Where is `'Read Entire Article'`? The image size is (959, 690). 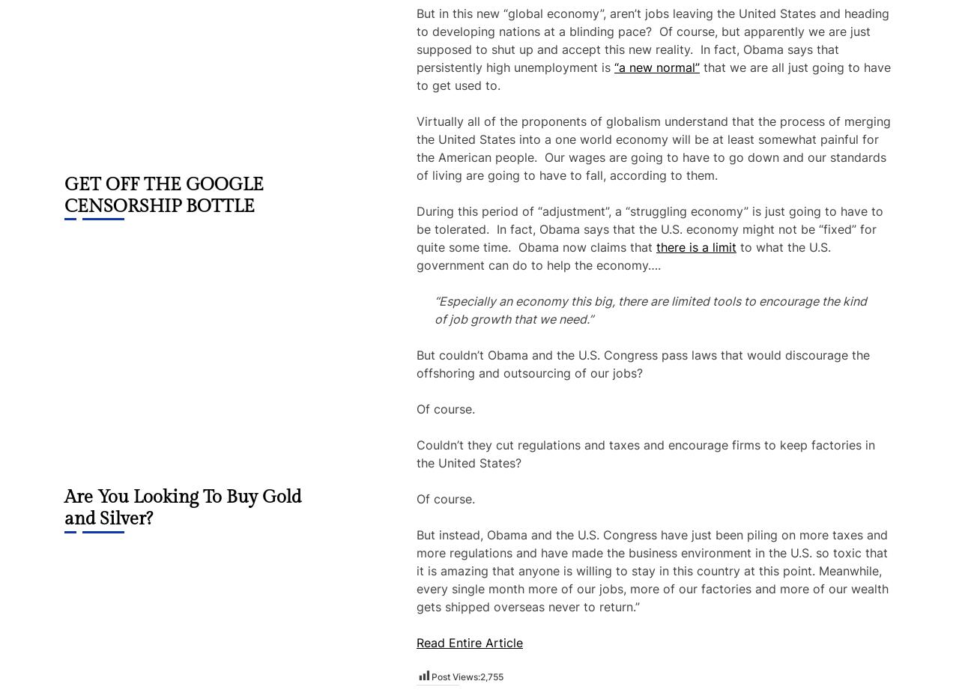
'Read Entire Article' is located at coordinates (468, 642).